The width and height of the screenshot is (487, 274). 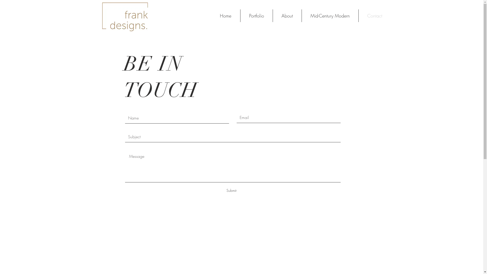 I want to click on 'About', so click(x=287, y=15).